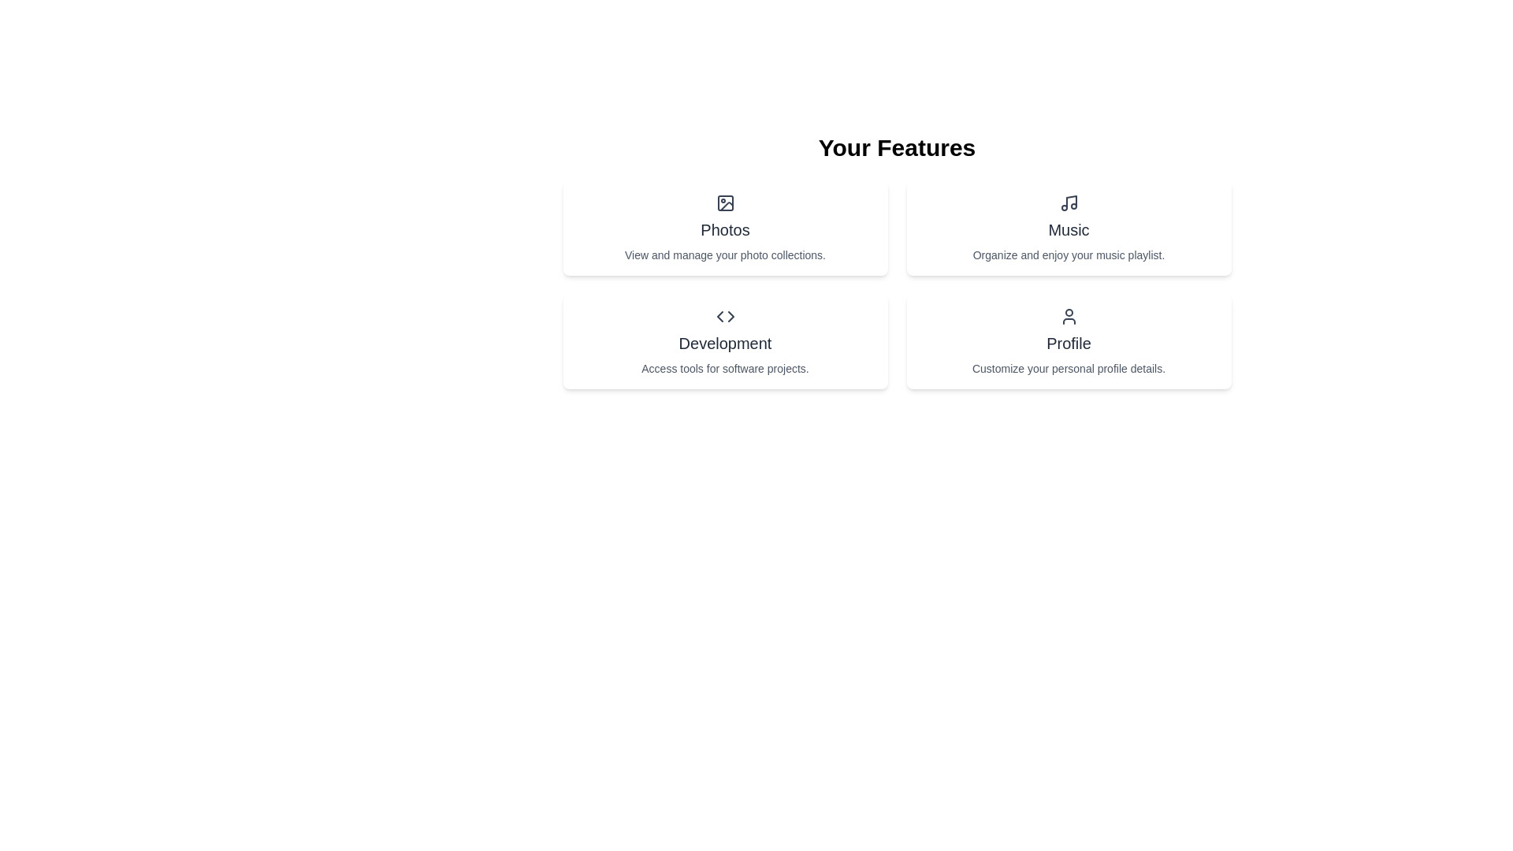 The height and width of the screenshot is (851, 1513). Describe the element at coordinates (1071, 201) in the screenshot. I see `the 'Music' feature icon located at the top right section of the feature box grid below the title 'Your Features'` at that location.